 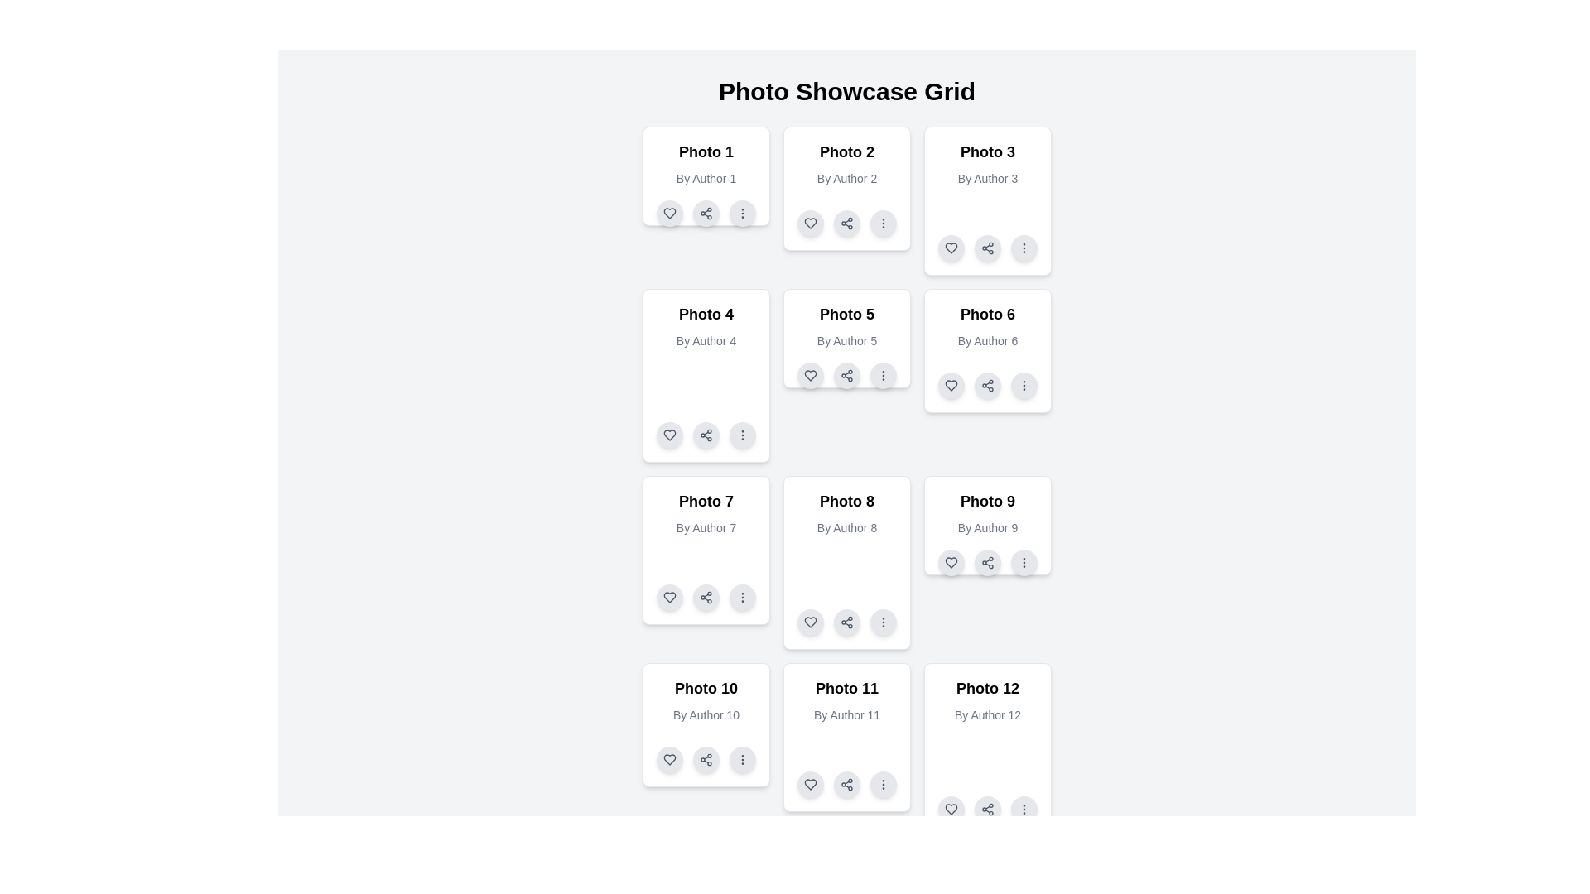 I want to click on the heart icon button located beneath the title of 'Photo 8', so click(x=811, y=622).